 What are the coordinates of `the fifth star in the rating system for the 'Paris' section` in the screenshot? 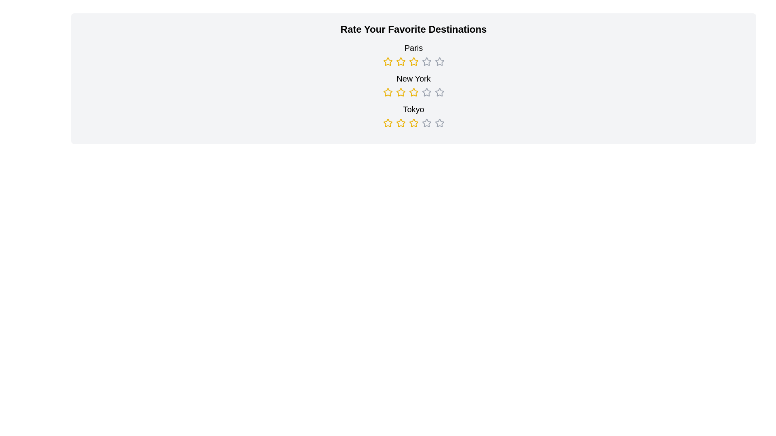 It's located at (439, 61).